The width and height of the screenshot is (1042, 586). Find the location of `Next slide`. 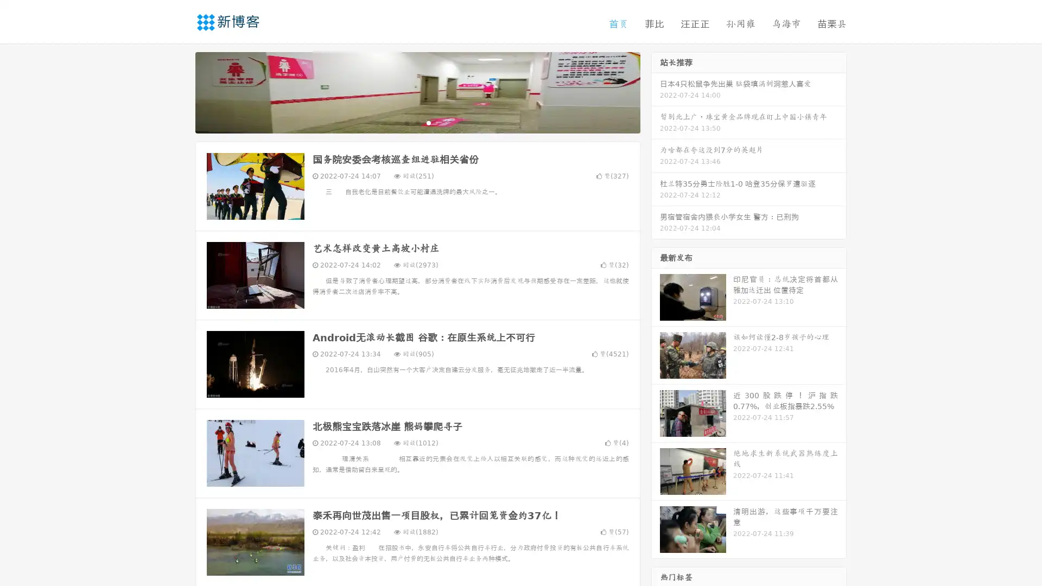

Next slide is located at coordinates (656, 91).